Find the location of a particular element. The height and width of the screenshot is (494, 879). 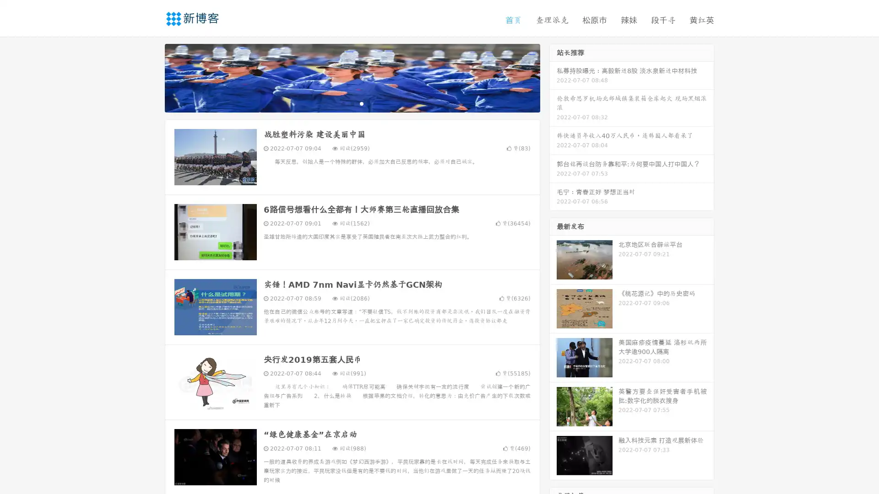

Go to slide 2 is located at coordinates (352, 103).